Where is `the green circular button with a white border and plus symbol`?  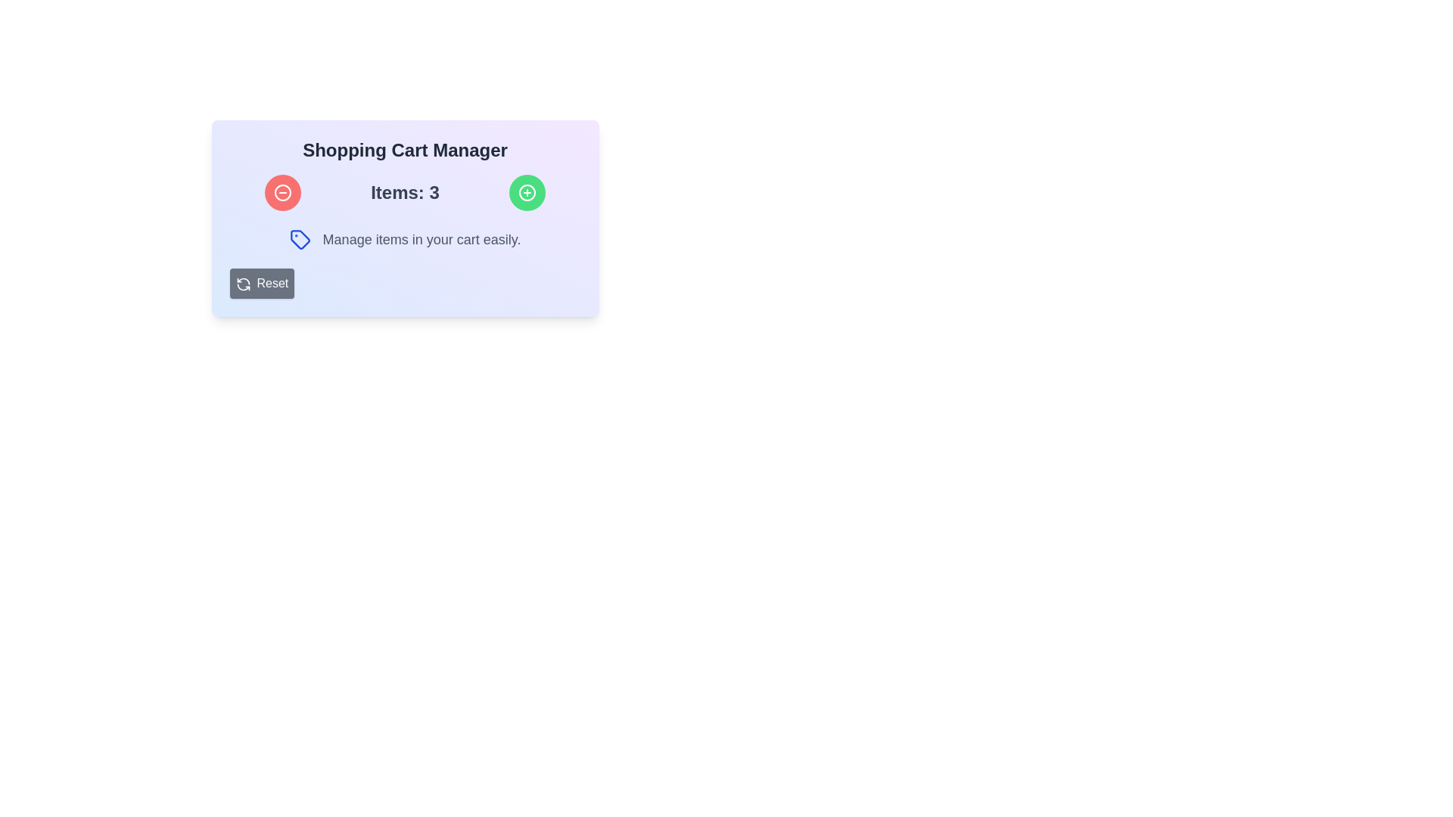 the green circular button with a white border and plus symbol is located at coordinates (527, 191).